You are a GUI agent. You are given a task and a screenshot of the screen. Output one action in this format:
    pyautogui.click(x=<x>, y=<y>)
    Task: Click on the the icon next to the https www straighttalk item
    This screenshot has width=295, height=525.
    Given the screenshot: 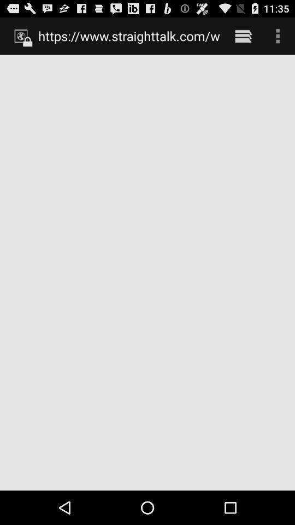 What is the action you would take?
    pyautogui.click(x=243, y=36)
    